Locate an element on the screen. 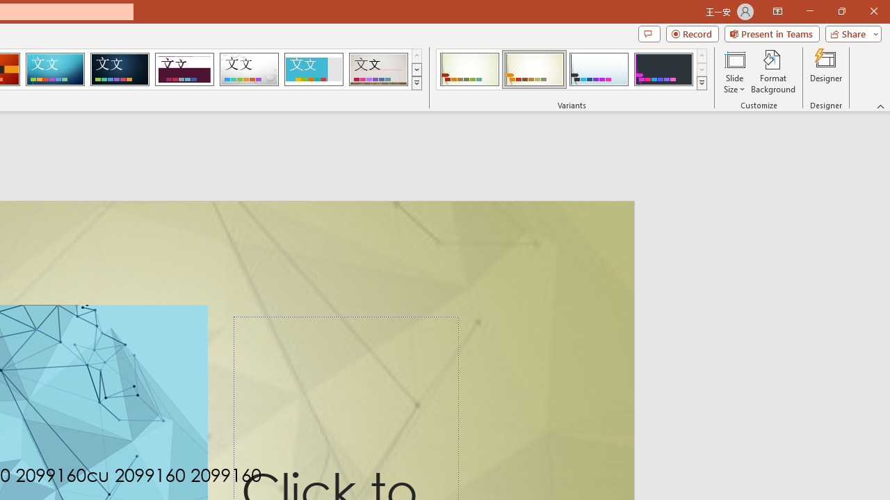 The height and width of the screenshot is (500, 890). 'AutomationID: ThemeVariantsGallery' is located at coordinates (572, 69).